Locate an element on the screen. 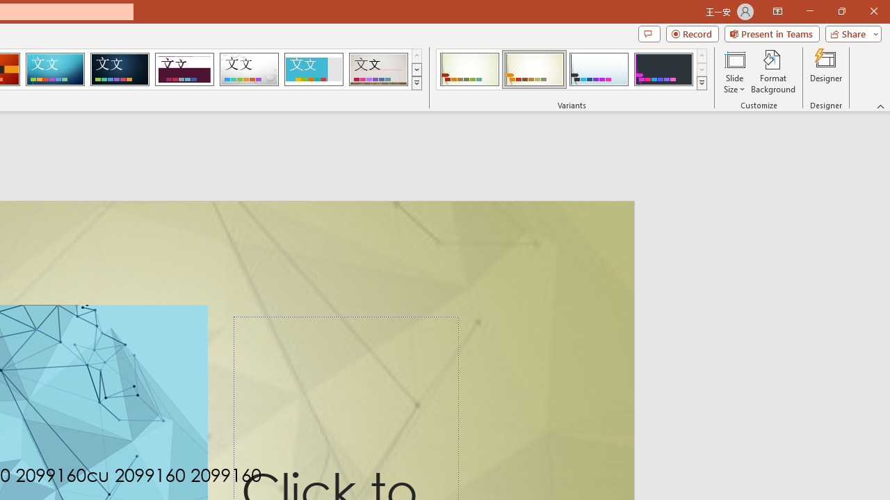 The height and width of the screenshot is (500, 890). 'AutomationID: ThemeVariantsGallery' is located at coordinates (572, 69).